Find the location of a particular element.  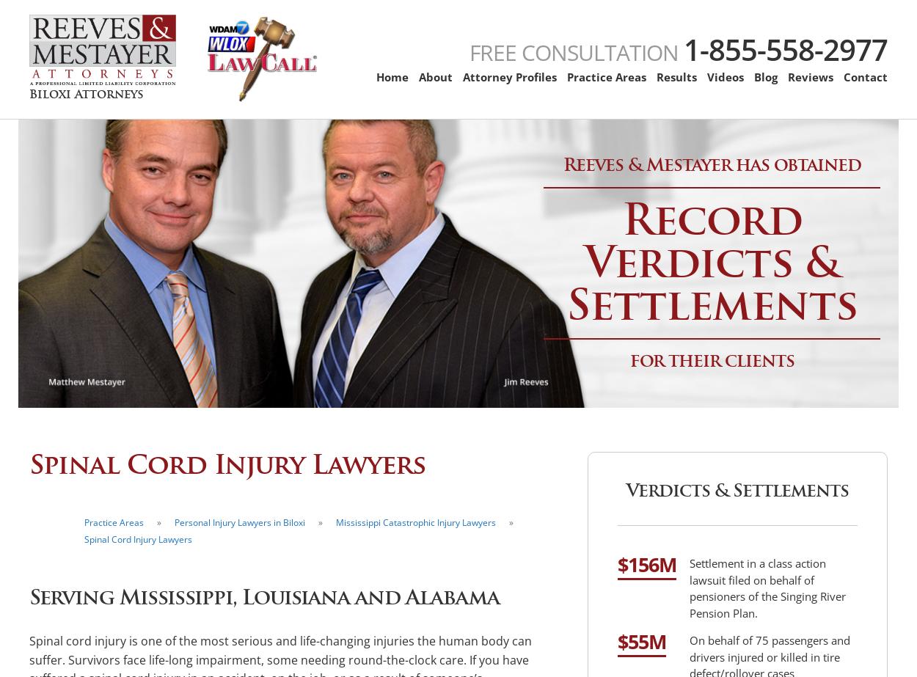

'for their clients' is located at coordinates (711, 359).